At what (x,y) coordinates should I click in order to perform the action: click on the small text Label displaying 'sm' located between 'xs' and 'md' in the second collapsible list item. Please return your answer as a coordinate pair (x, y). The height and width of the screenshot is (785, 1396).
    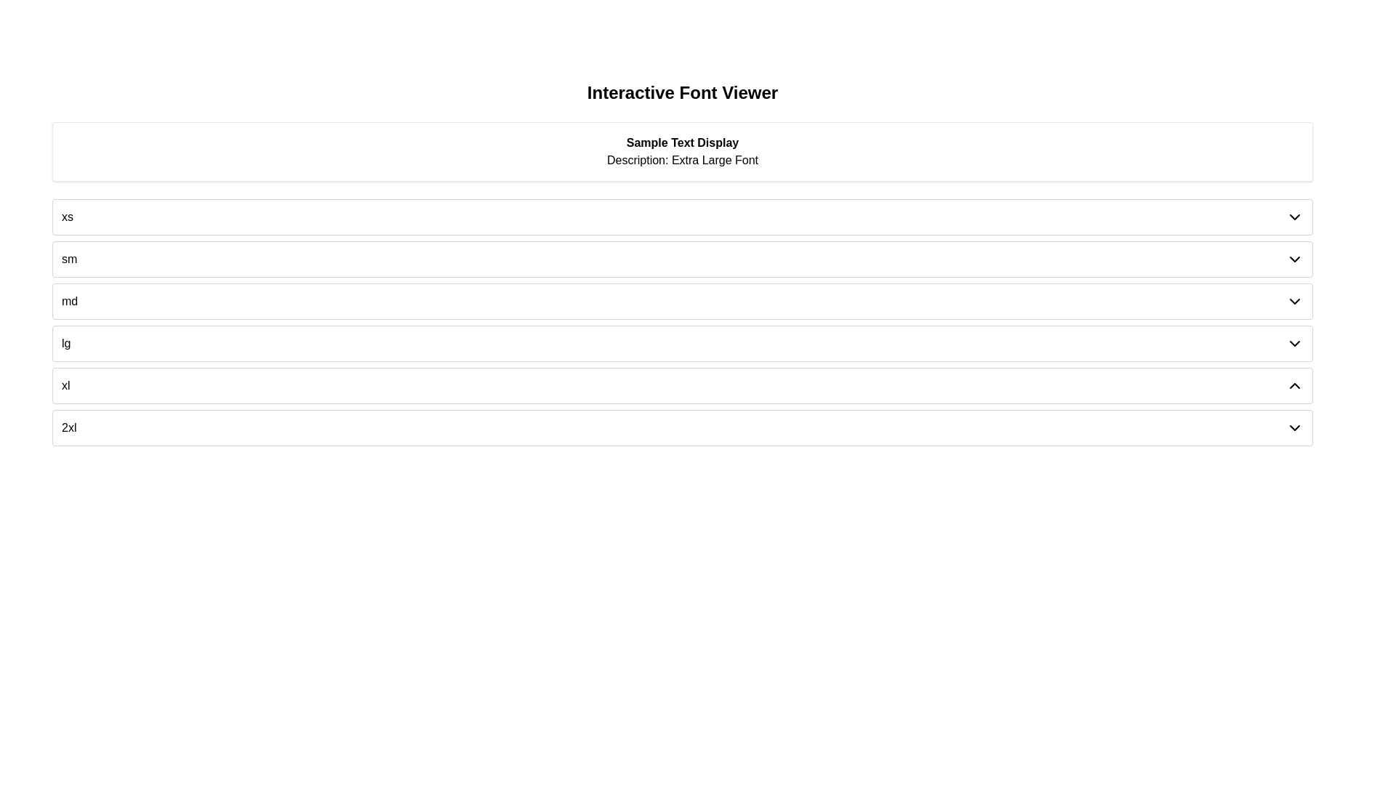
    Looking at the image, I should click on (68, 259).